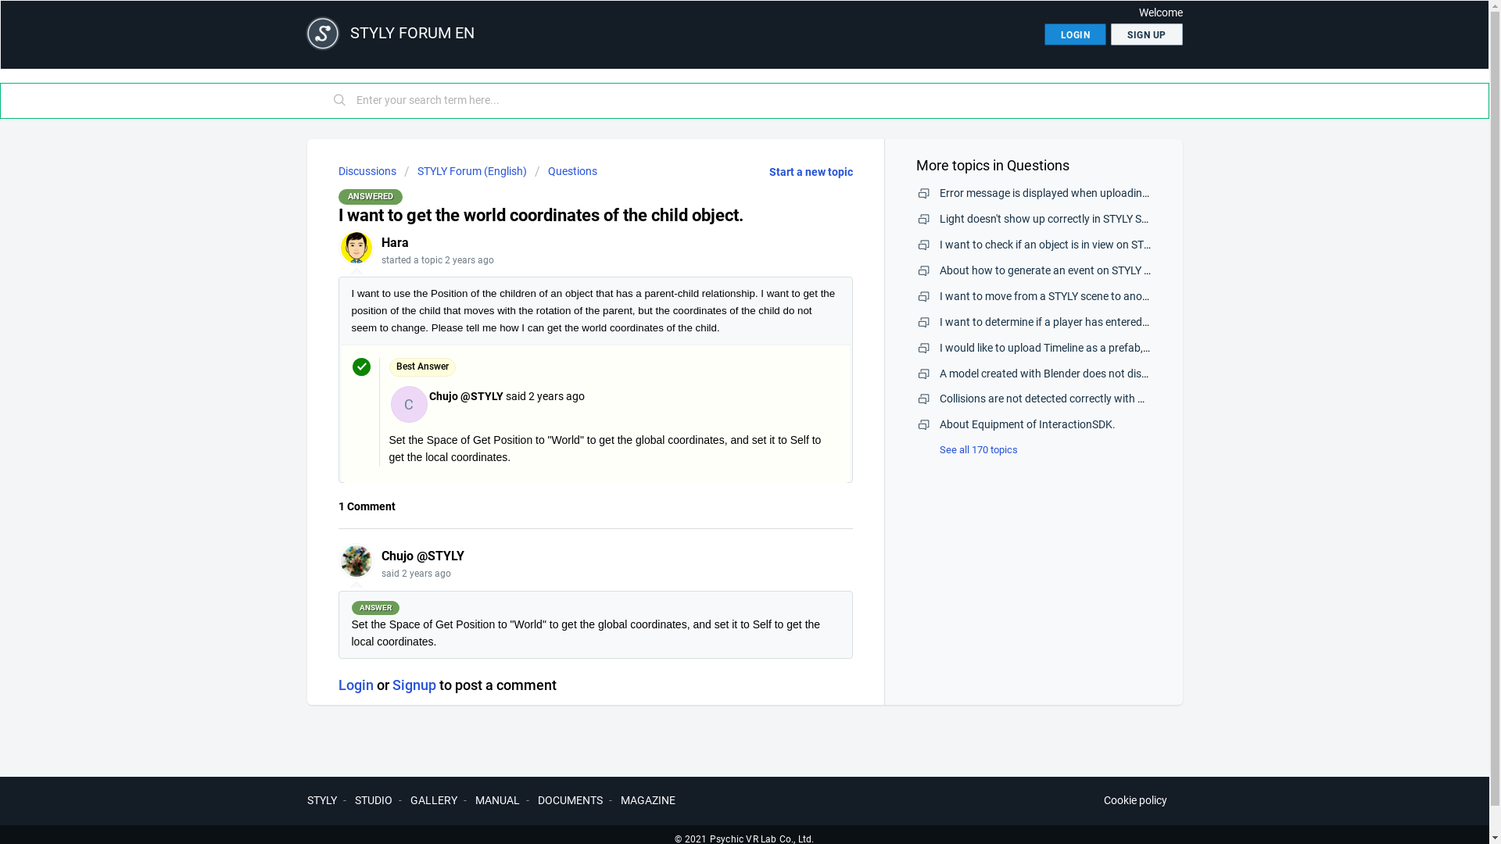 This screenshot has width=1501, height=844. Describe the element at coordinates (1071, 295) in the screenshot. I see `'I want to move from a STYLY scene to another website.'` at that location.